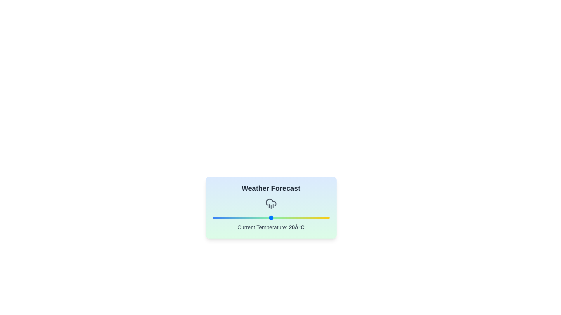  What do you see at coordinates (273, 218) in the screenshot?
I see `the temperature slider to 21°C` at bounding box center [273, 218].